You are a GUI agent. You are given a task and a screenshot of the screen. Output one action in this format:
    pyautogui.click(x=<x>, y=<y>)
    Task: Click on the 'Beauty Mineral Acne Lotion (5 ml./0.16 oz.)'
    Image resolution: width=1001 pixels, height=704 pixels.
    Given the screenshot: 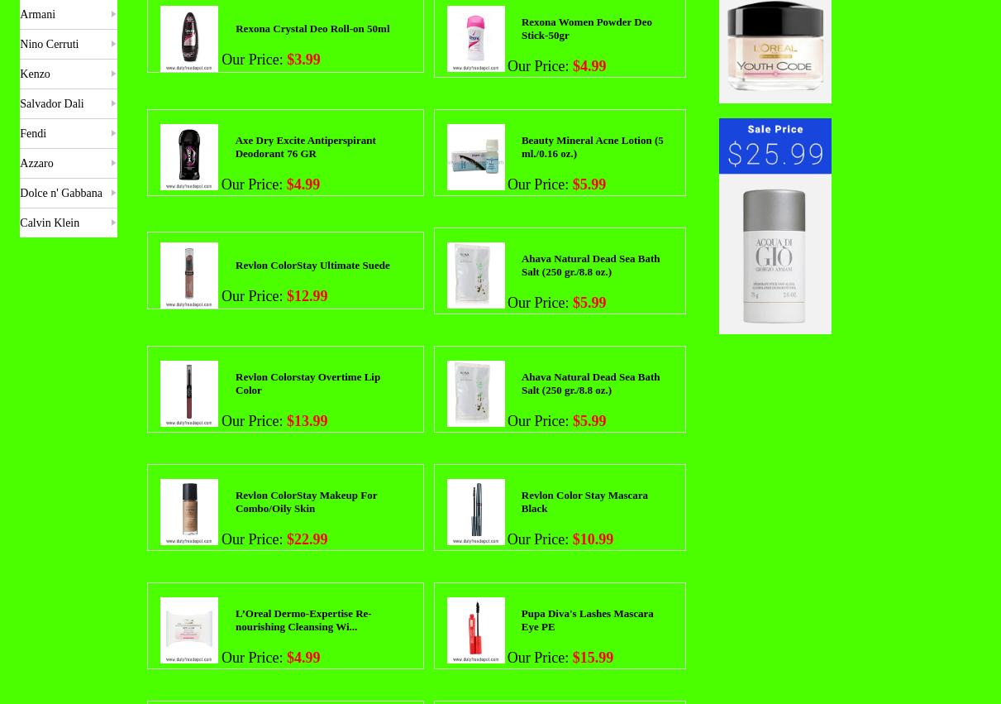 What is the action you would take?
    pyautogui.click(x=590, y=145)
    